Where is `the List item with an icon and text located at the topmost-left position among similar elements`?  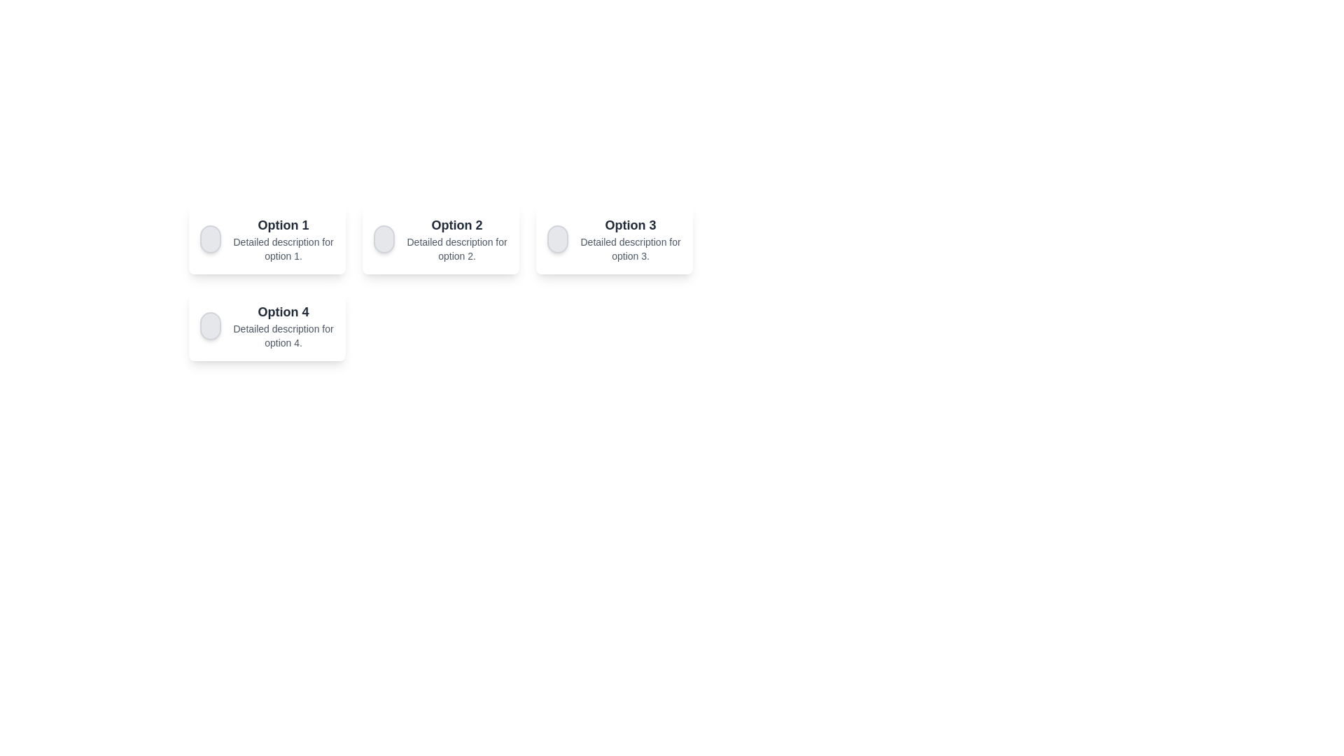
the List item with an icon and text located at the topmost-left position among similar elements is located at coordinates (267, 239).